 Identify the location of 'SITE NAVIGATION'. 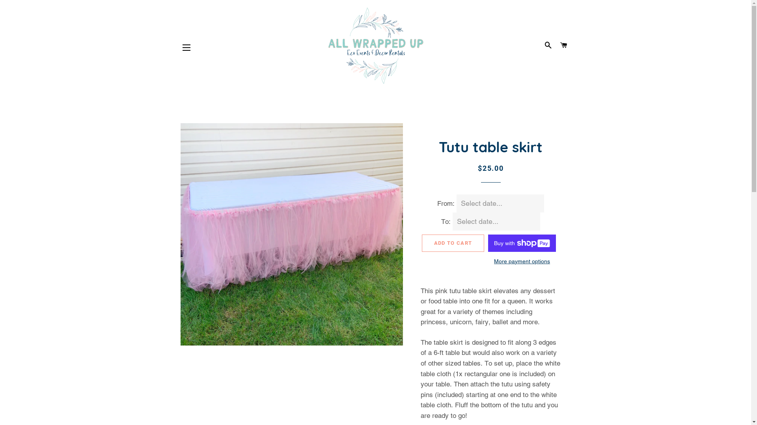
(186, 47).